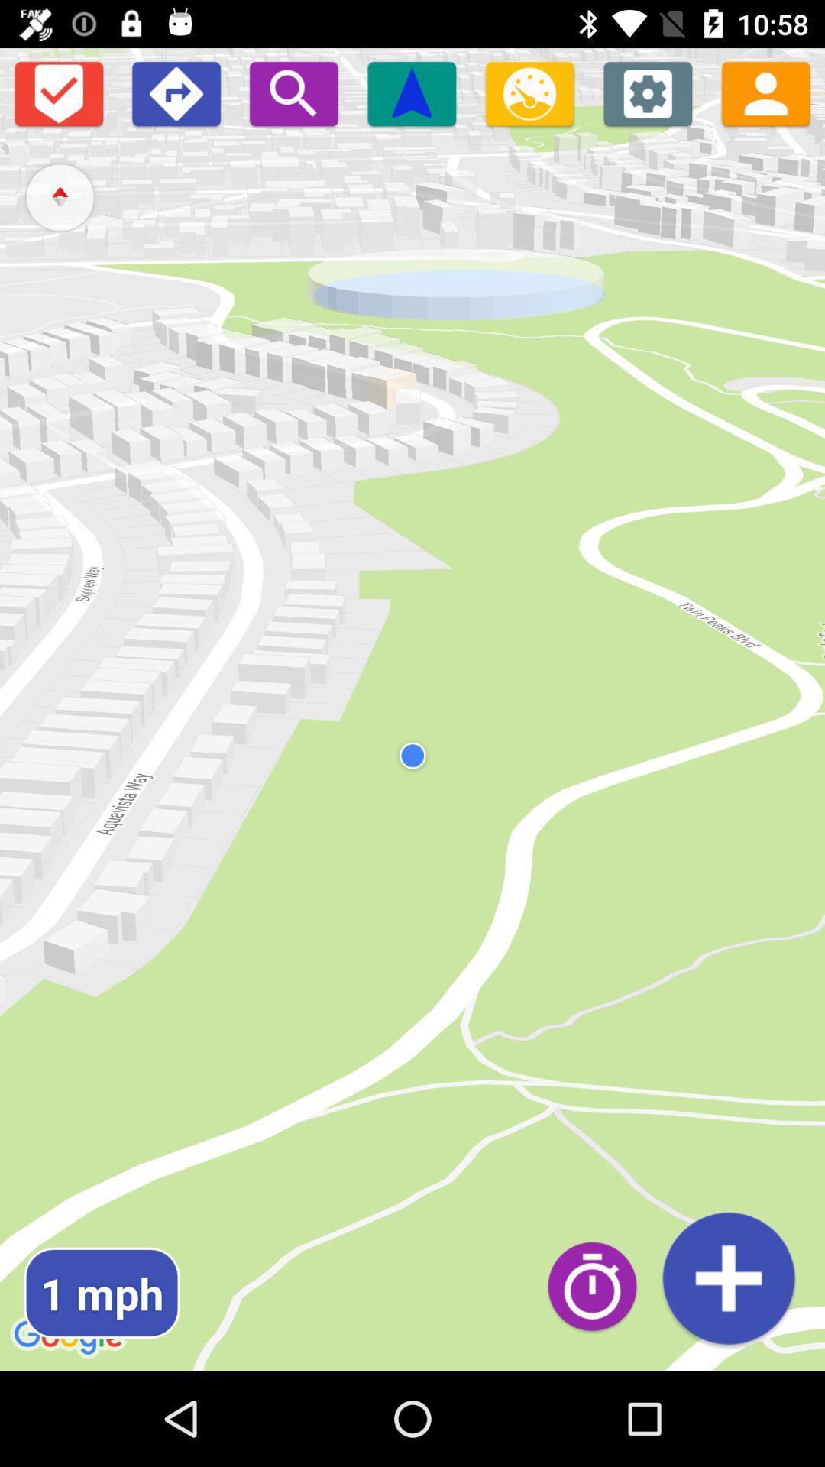 This screenshot has width=825, height=1467. I want to click on adjust speed, so click(529, 92).